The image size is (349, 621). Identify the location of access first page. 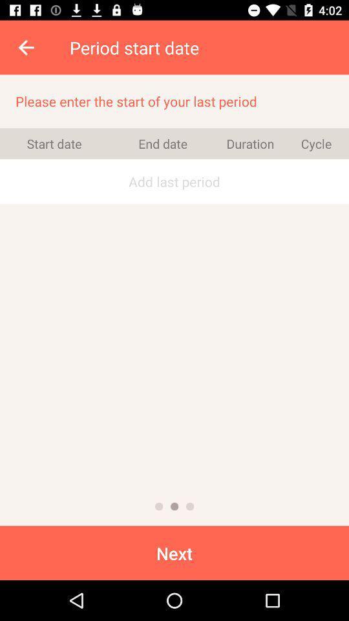
(159, 507).